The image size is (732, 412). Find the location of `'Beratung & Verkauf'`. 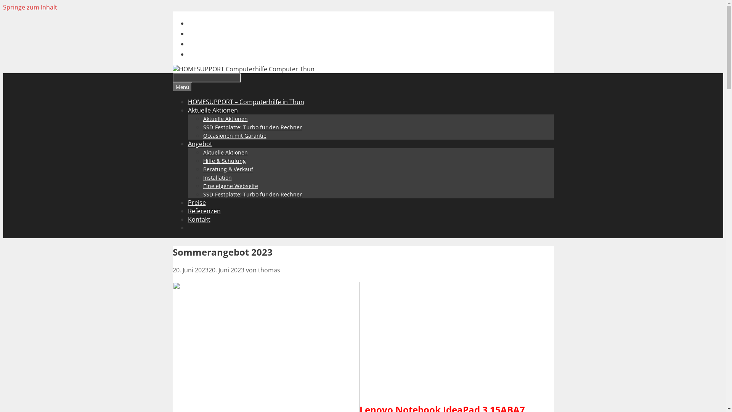

'Beratung & Verkauf' is located at coordinates (227, 169).